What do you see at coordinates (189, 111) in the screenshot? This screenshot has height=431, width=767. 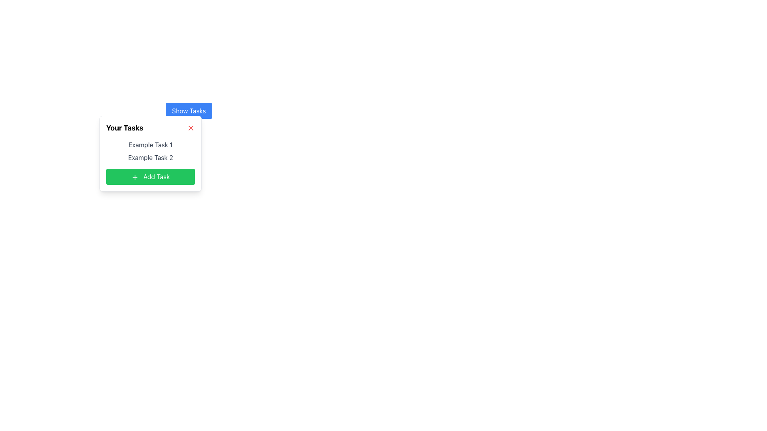 I see `the toggle button for the tasks list to change its visual state` at bounding box center [189, 111].